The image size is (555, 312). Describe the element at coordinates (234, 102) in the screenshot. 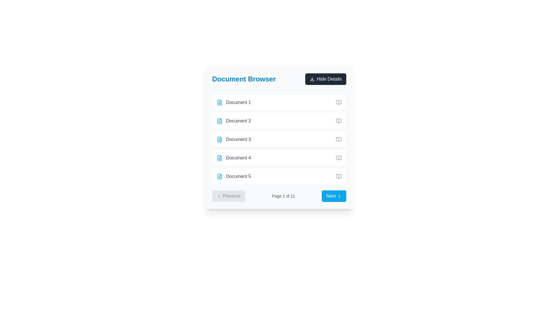

I see `on the first list item in the 'Document Browser' section, which features a small sky-blue file icon and the text 'Document 1' in gray font` at that location.